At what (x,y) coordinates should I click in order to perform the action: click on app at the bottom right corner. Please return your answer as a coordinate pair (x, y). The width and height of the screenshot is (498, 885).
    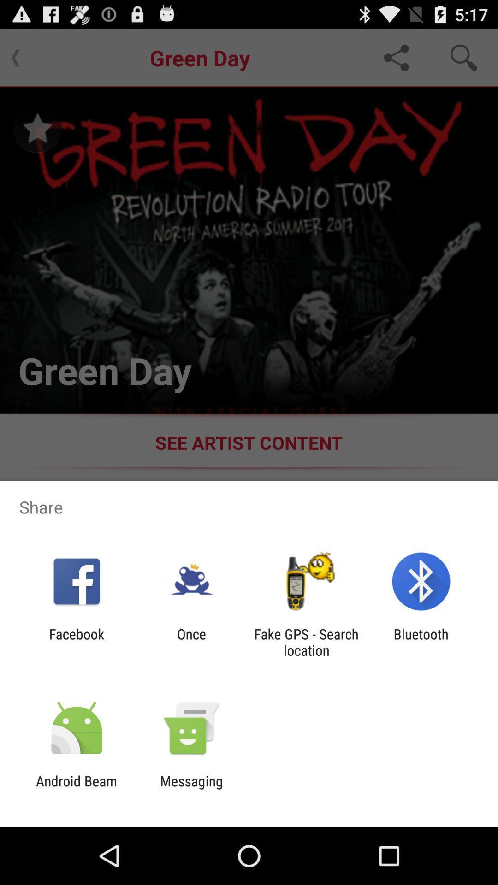
    Looking at the image, I should click on (421, 642).